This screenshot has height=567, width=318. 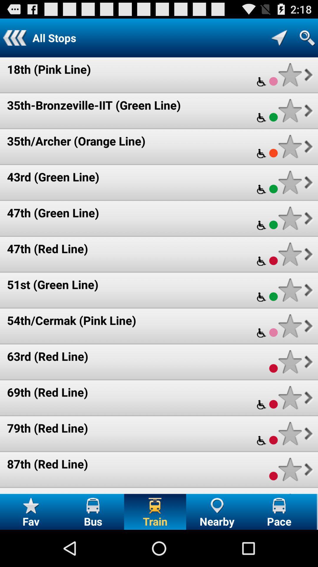 What do you see at coordinates (290, 74) in the screenshot?
I see `this one` at bounding box center [290, 74].